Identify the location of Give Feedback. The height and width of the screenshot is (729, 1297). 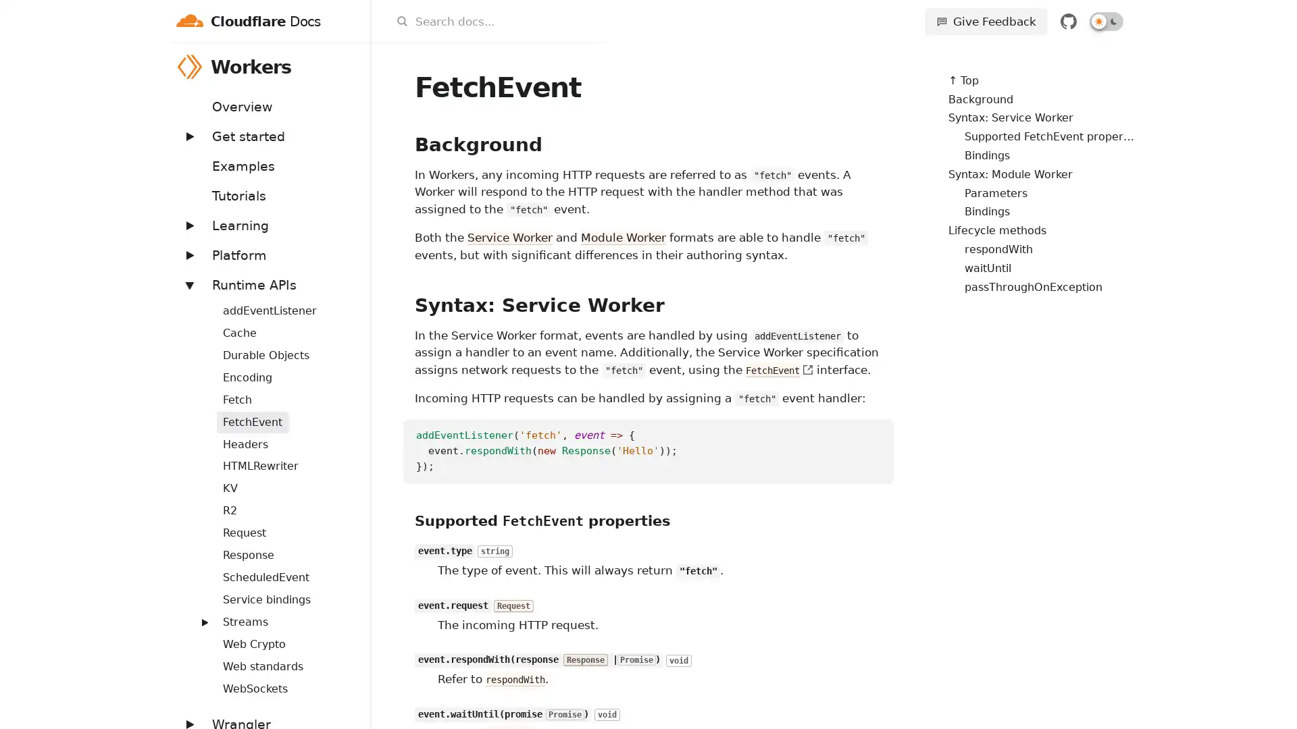
(986, 21).